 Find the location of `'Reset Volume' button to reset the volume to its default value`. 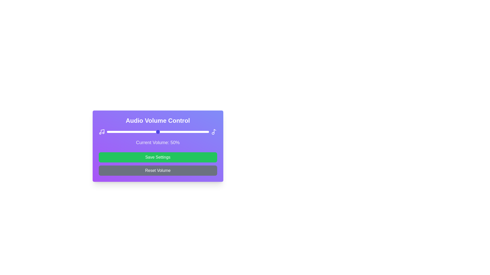

'Reset Volume' button to reset the volume to its default value is located at coordinates (157, 171).